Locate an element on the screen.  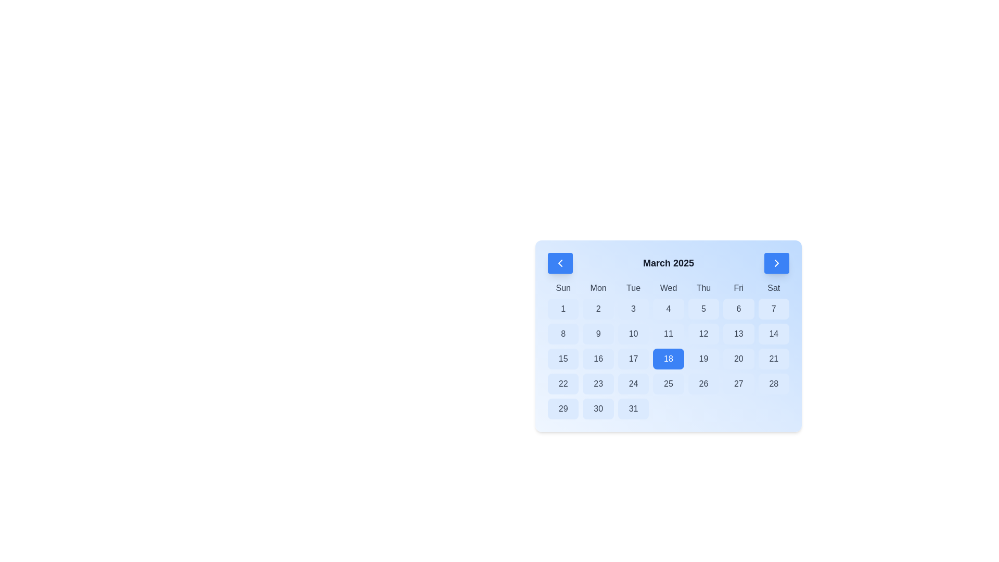
the small blue square button with rounded corners and a white chevron pointing left is located at coordinates (559, 262).